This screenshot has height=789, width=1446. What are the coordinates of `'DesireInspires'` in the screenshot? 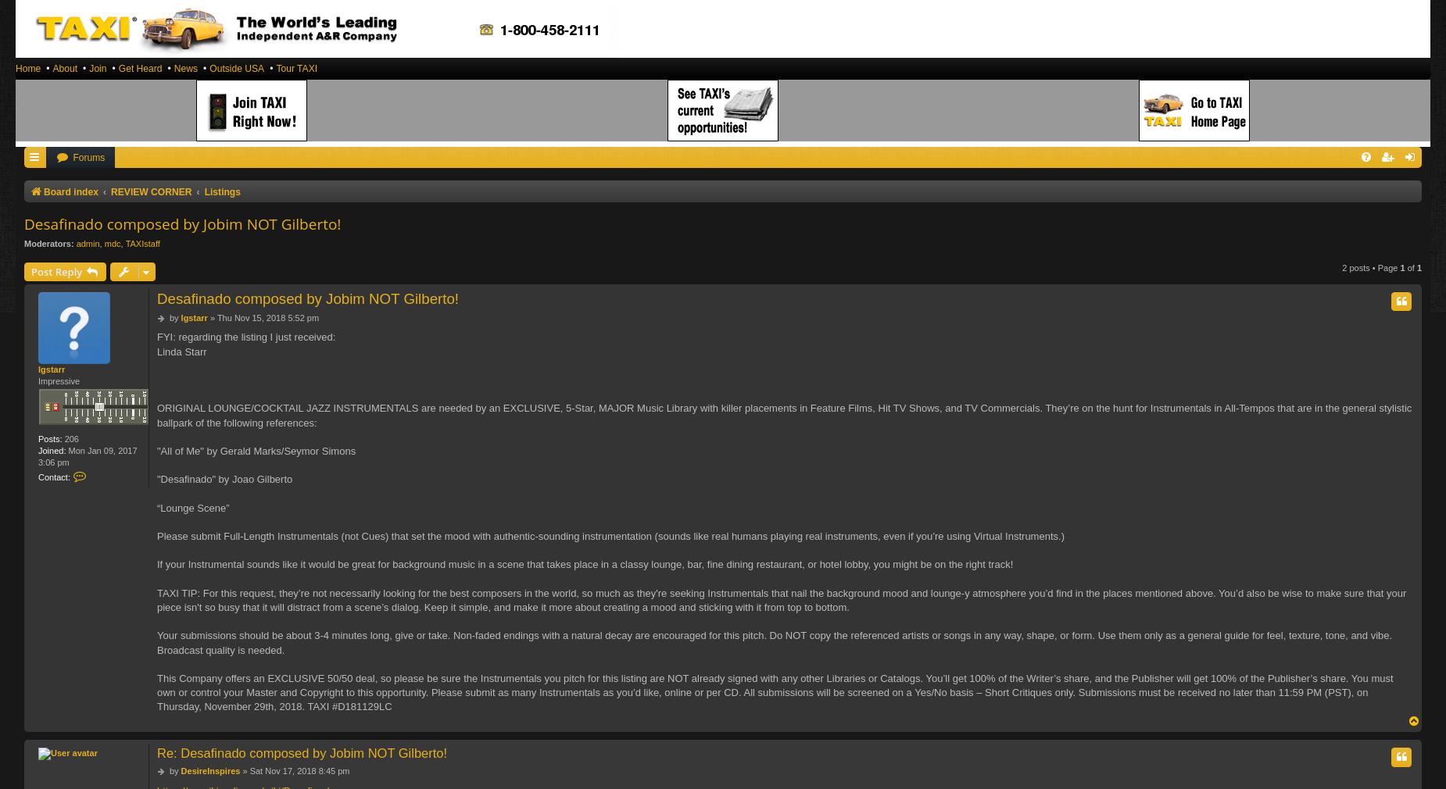 It's located at (180, 769).